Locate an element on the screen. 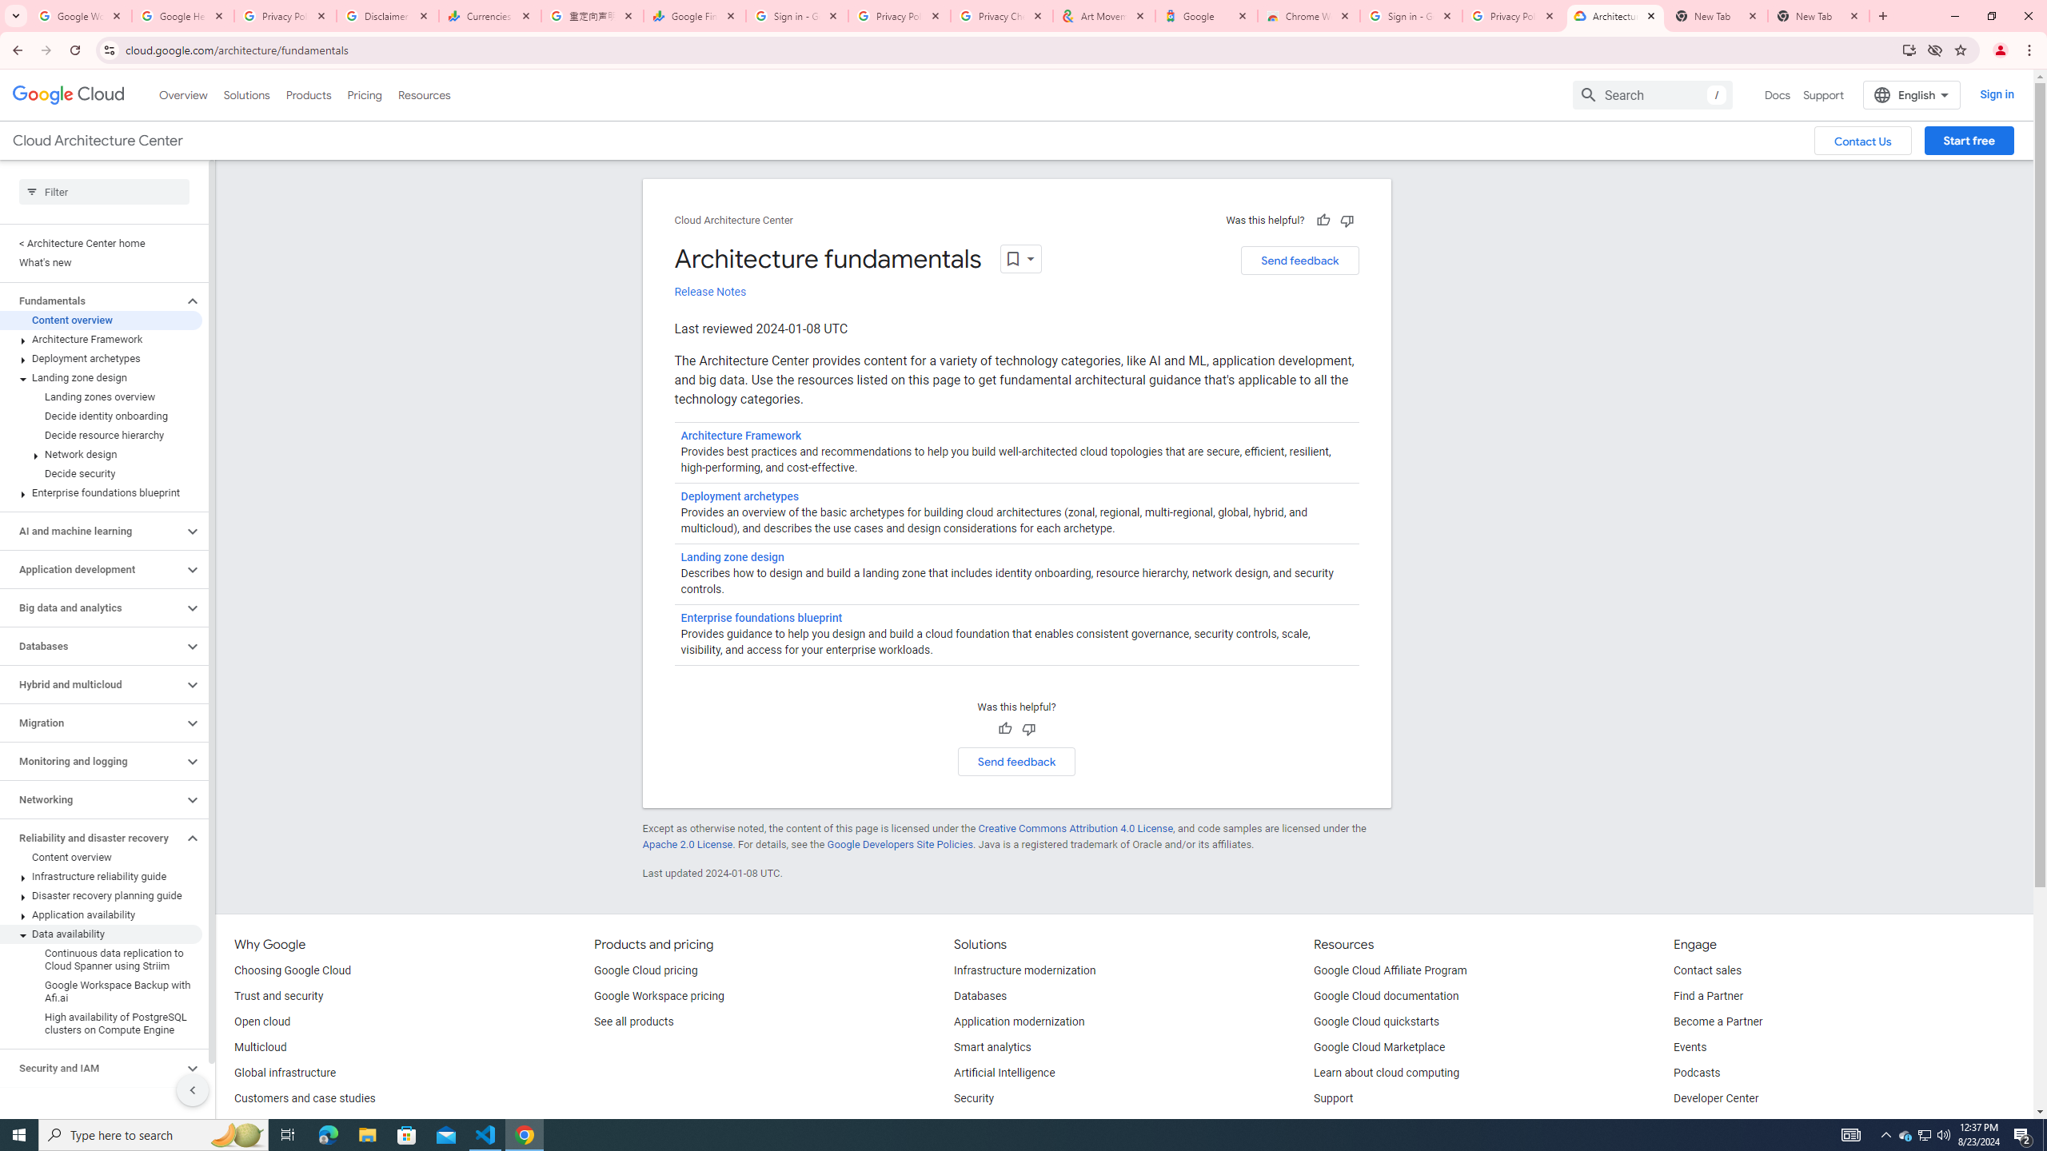 This screenshot has height=1151, width=2047. 'Smart analytics' is located at coordinates (992, 1047).